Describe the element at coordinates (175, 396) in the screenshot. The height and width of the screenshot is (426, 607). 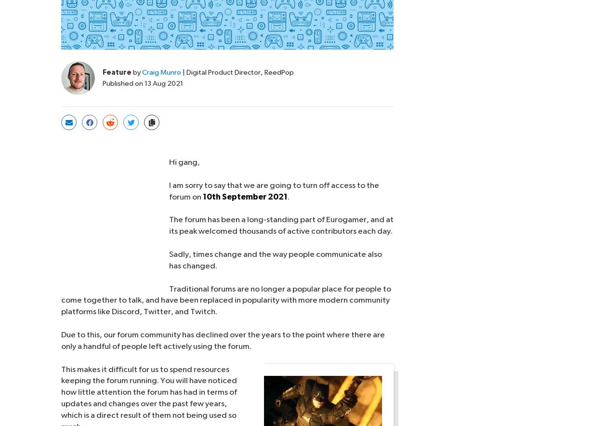
I see `'Reviews'` at that location.